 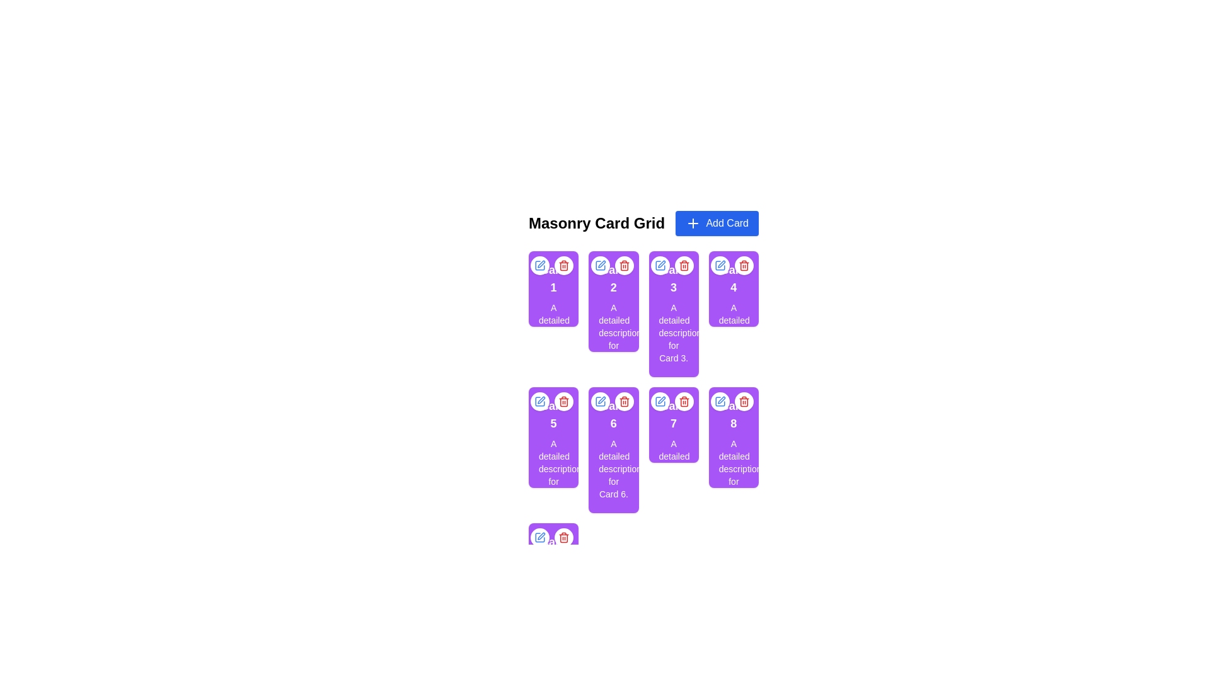 What do you see at coordinates (599, 401) in the screenshot?
I see `the blue square with rounded corners that forms the frame of the pen icon located at the top-left corner of the card labeled '6'` at bounding box center [599, 401].